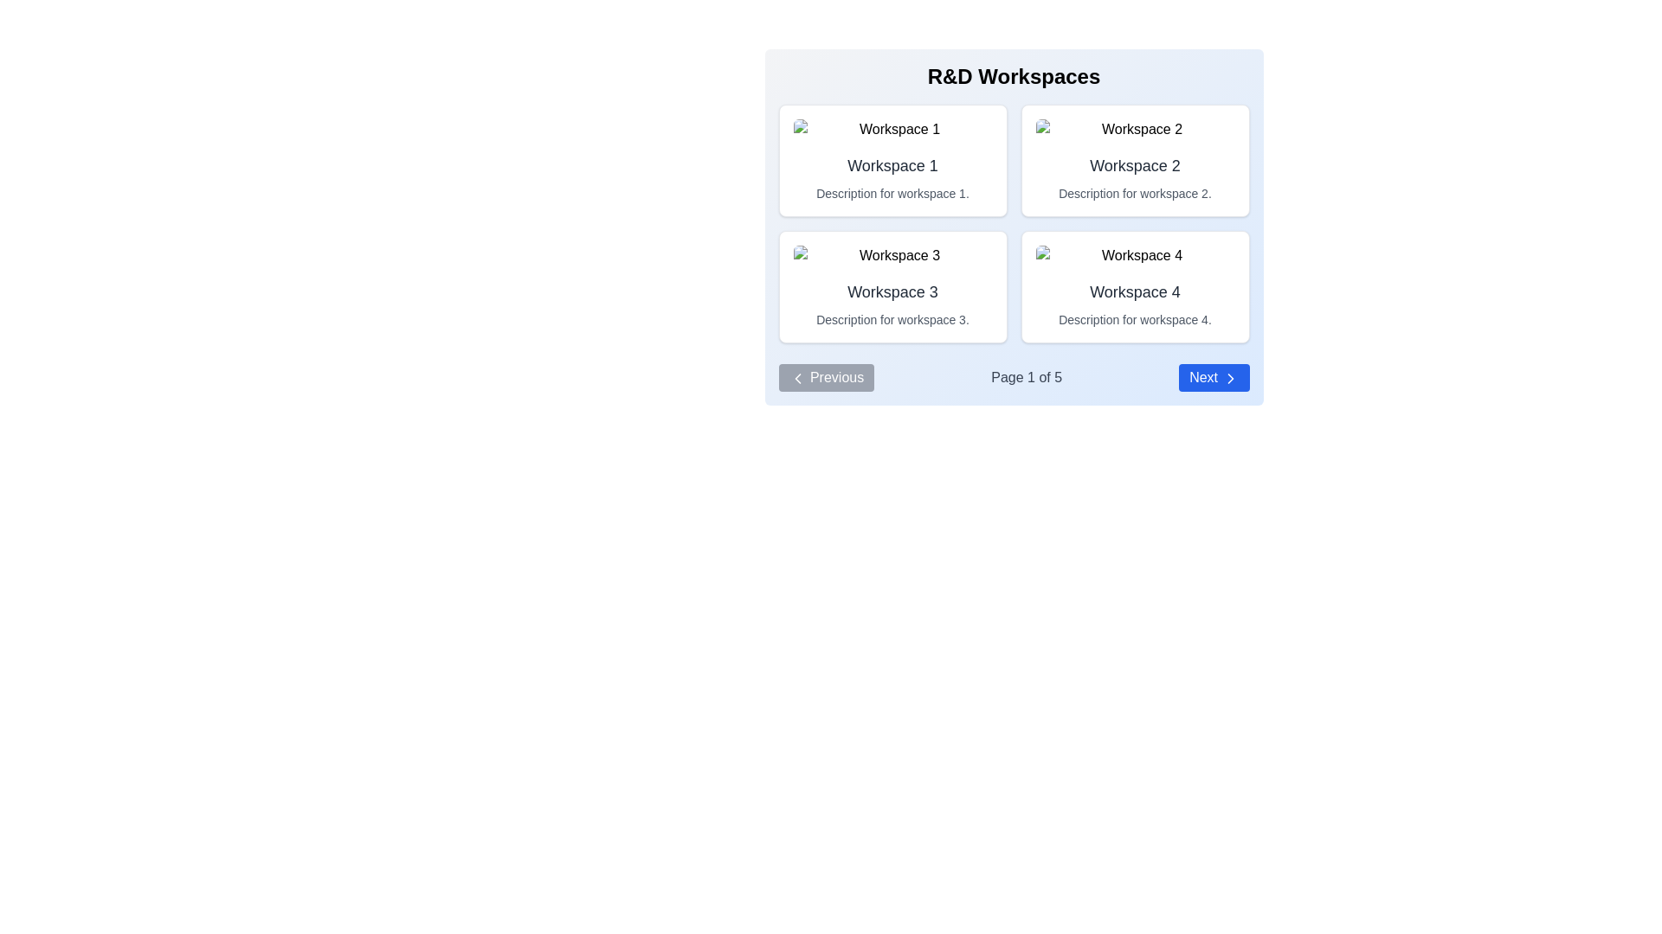 This screenshot has height=934, width=1662. Describe the element at coordinates (796, 377) in the screenshot. I see `the 'previous' action icon located within the 'Previous' button at the bottom left corner of the main content area` at that location.